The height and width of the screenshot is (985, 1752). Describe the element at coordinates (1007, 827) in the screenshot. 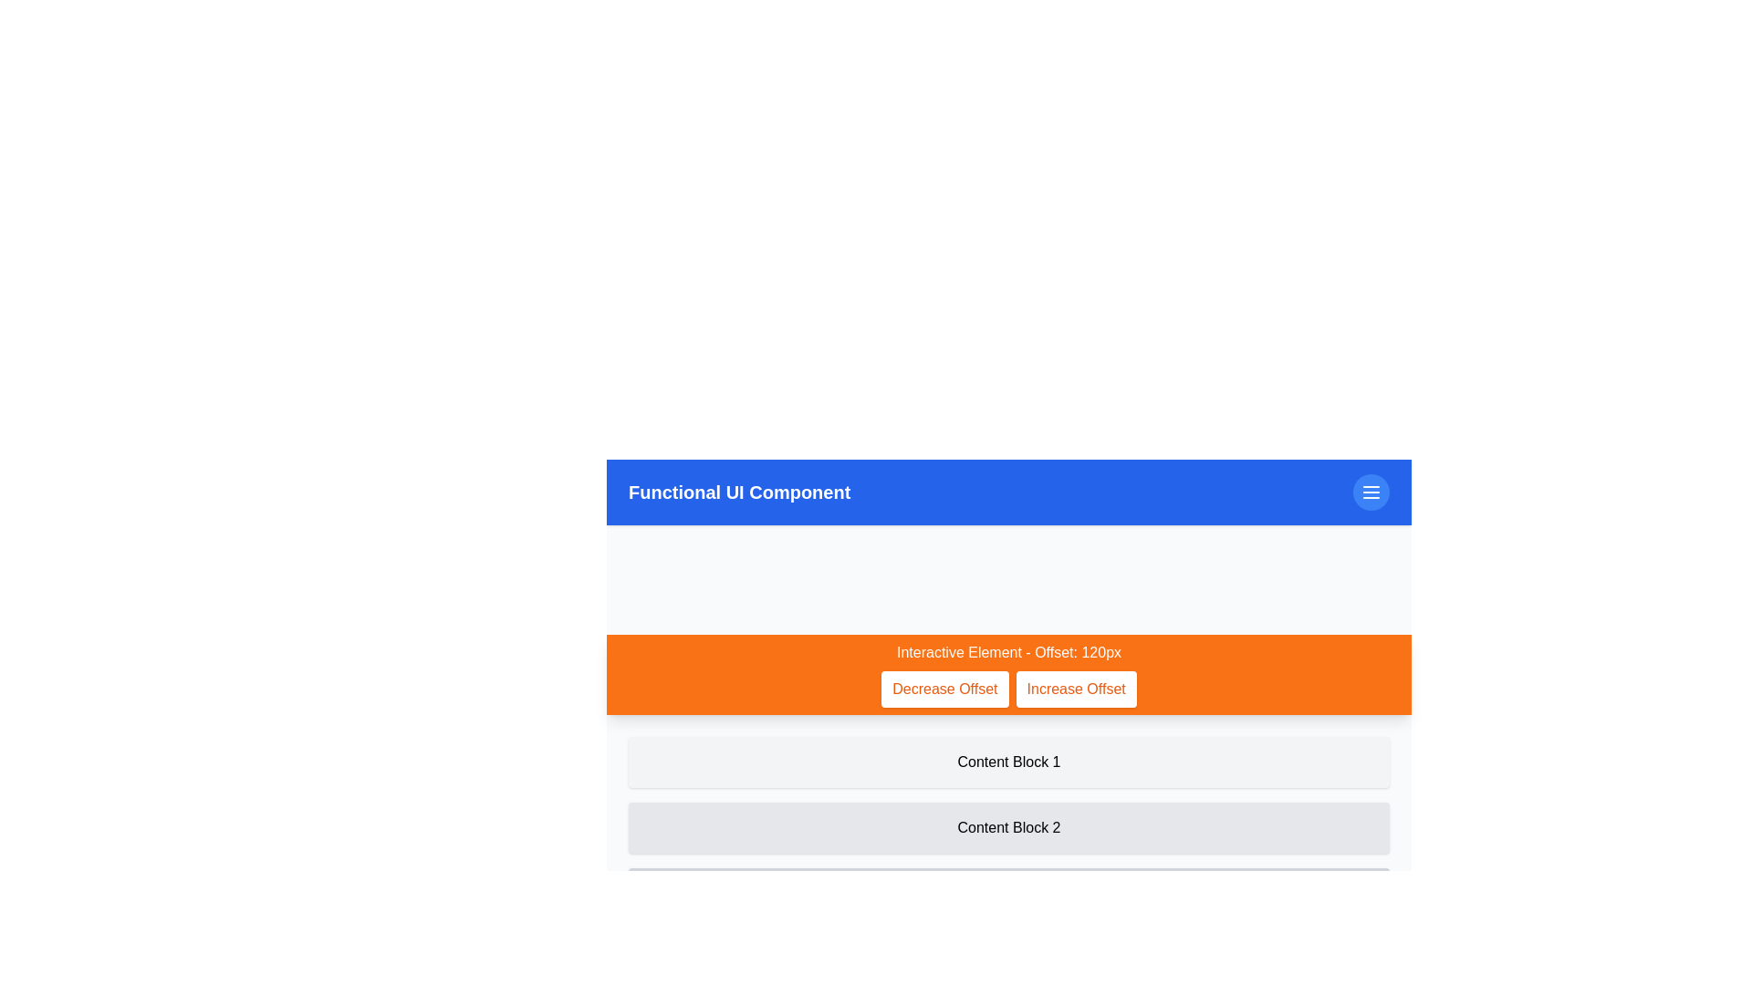

I see `the second content block, which is a horizontally stretched rectangular element with light gray shading and rounded corners, containing centered black text reading 'Content Block 2.'` at that location.